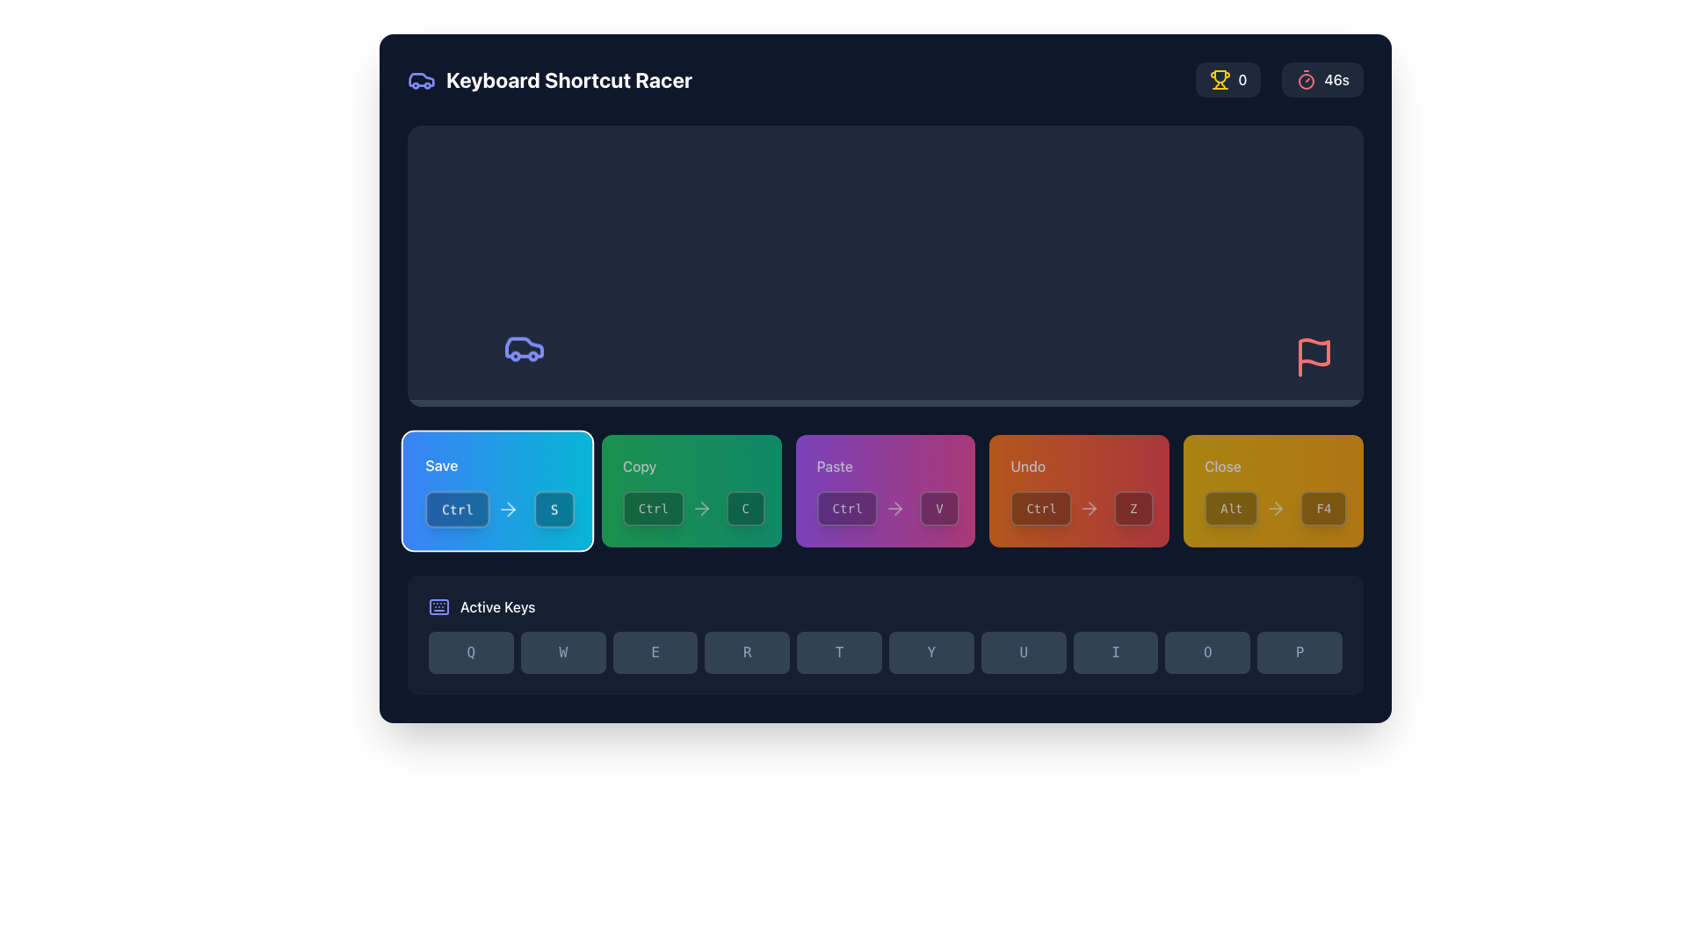 The width and height of the screenshot is (1687, 949). I want to click on the Shortcut visualization component for pasting content, which visually represents the keyboard shortcut 'Ctrl + V', located in the bottom row of the interface between the 'Copy' and 'Undo' sections, so click(886, 508).